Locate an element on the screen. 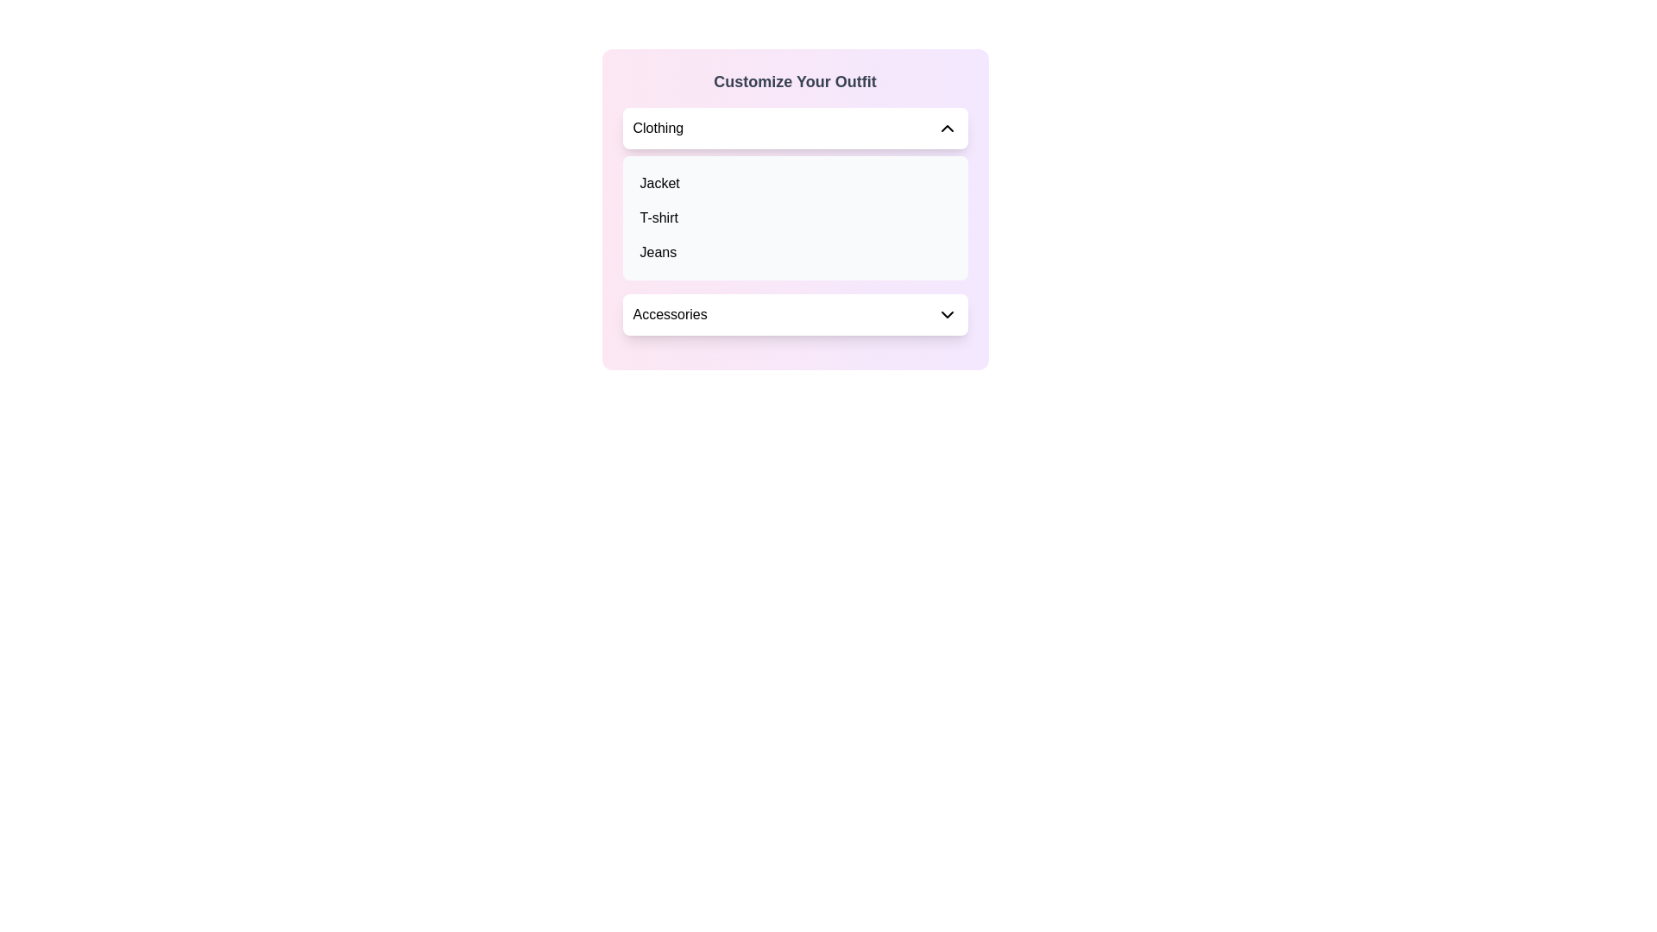 This screenshot has height=932, width=1657. the 'Clothing' dropdown menu is located at coordinates (794, 128).